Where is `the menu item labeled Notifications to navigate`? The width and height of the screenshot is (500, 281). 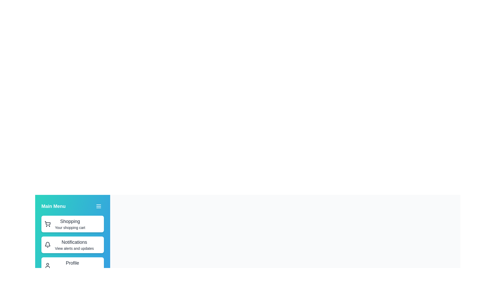 the menu item labeled Notifications to navigate is located at coordinates (72, 245).